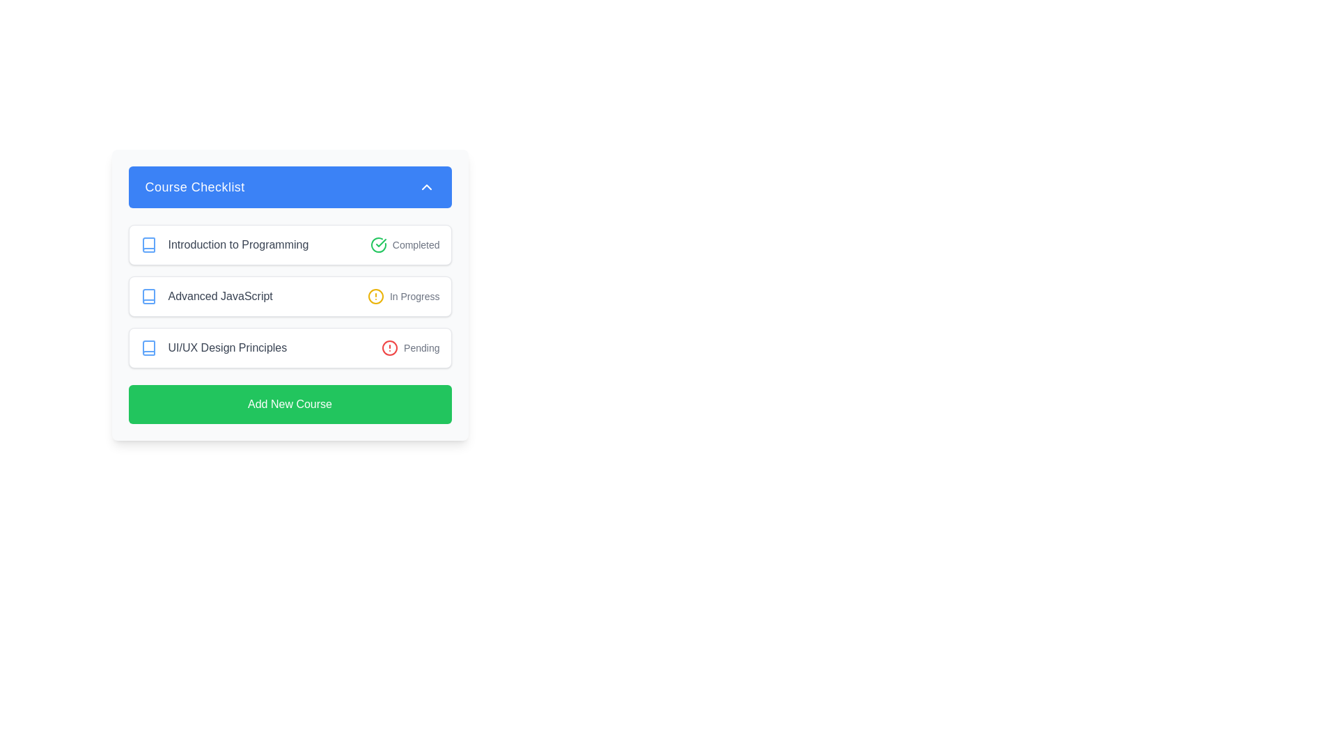 The width and height of the screenshot is (1337, 752). I want to click on the blue book icon located to the left of the text 'Introduction to Programming' in the itemized list, so click(148, 244).